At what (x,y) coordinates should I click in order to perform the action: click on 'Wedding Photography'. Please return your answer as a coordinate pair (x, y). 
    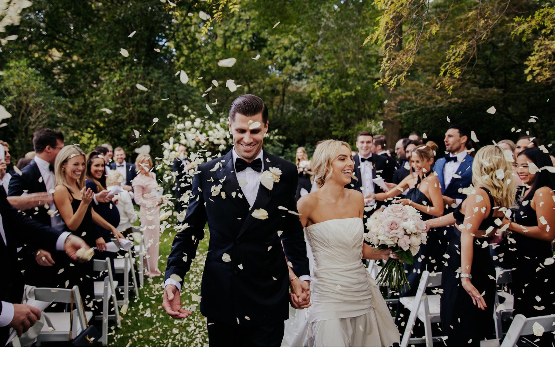
    Looking at the image, I should click on (230, 70).